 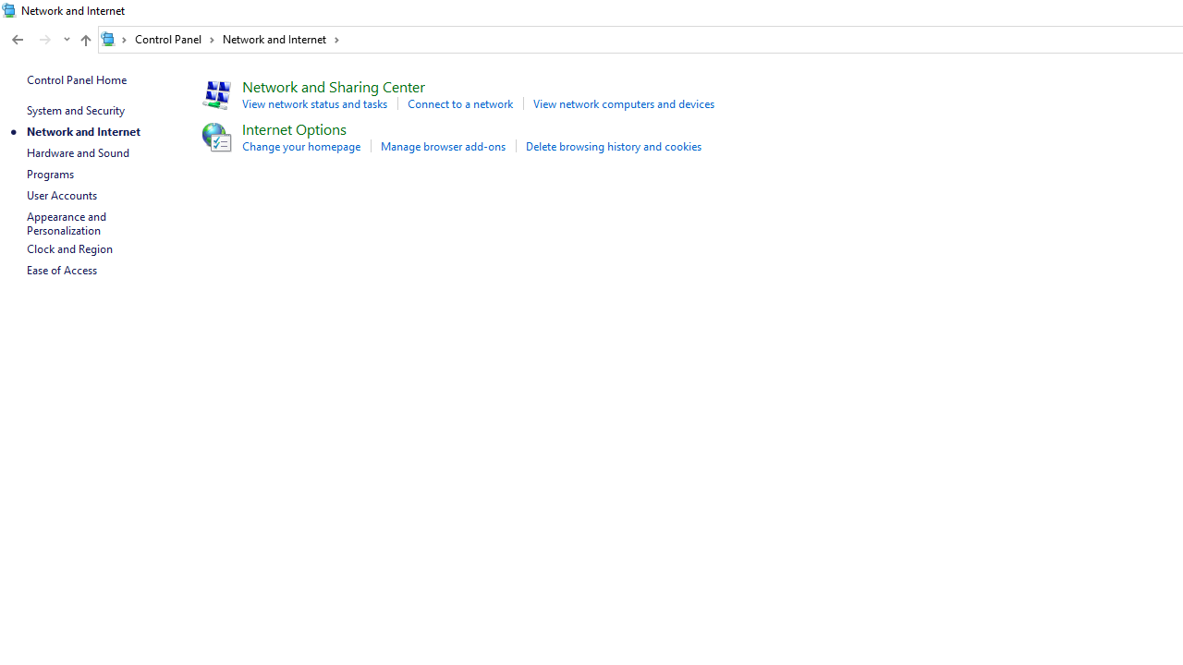 What do you see at coordinates (62, 195) in the screenshot?
I see `'User Accounts'` at bounding box center [62, 195].